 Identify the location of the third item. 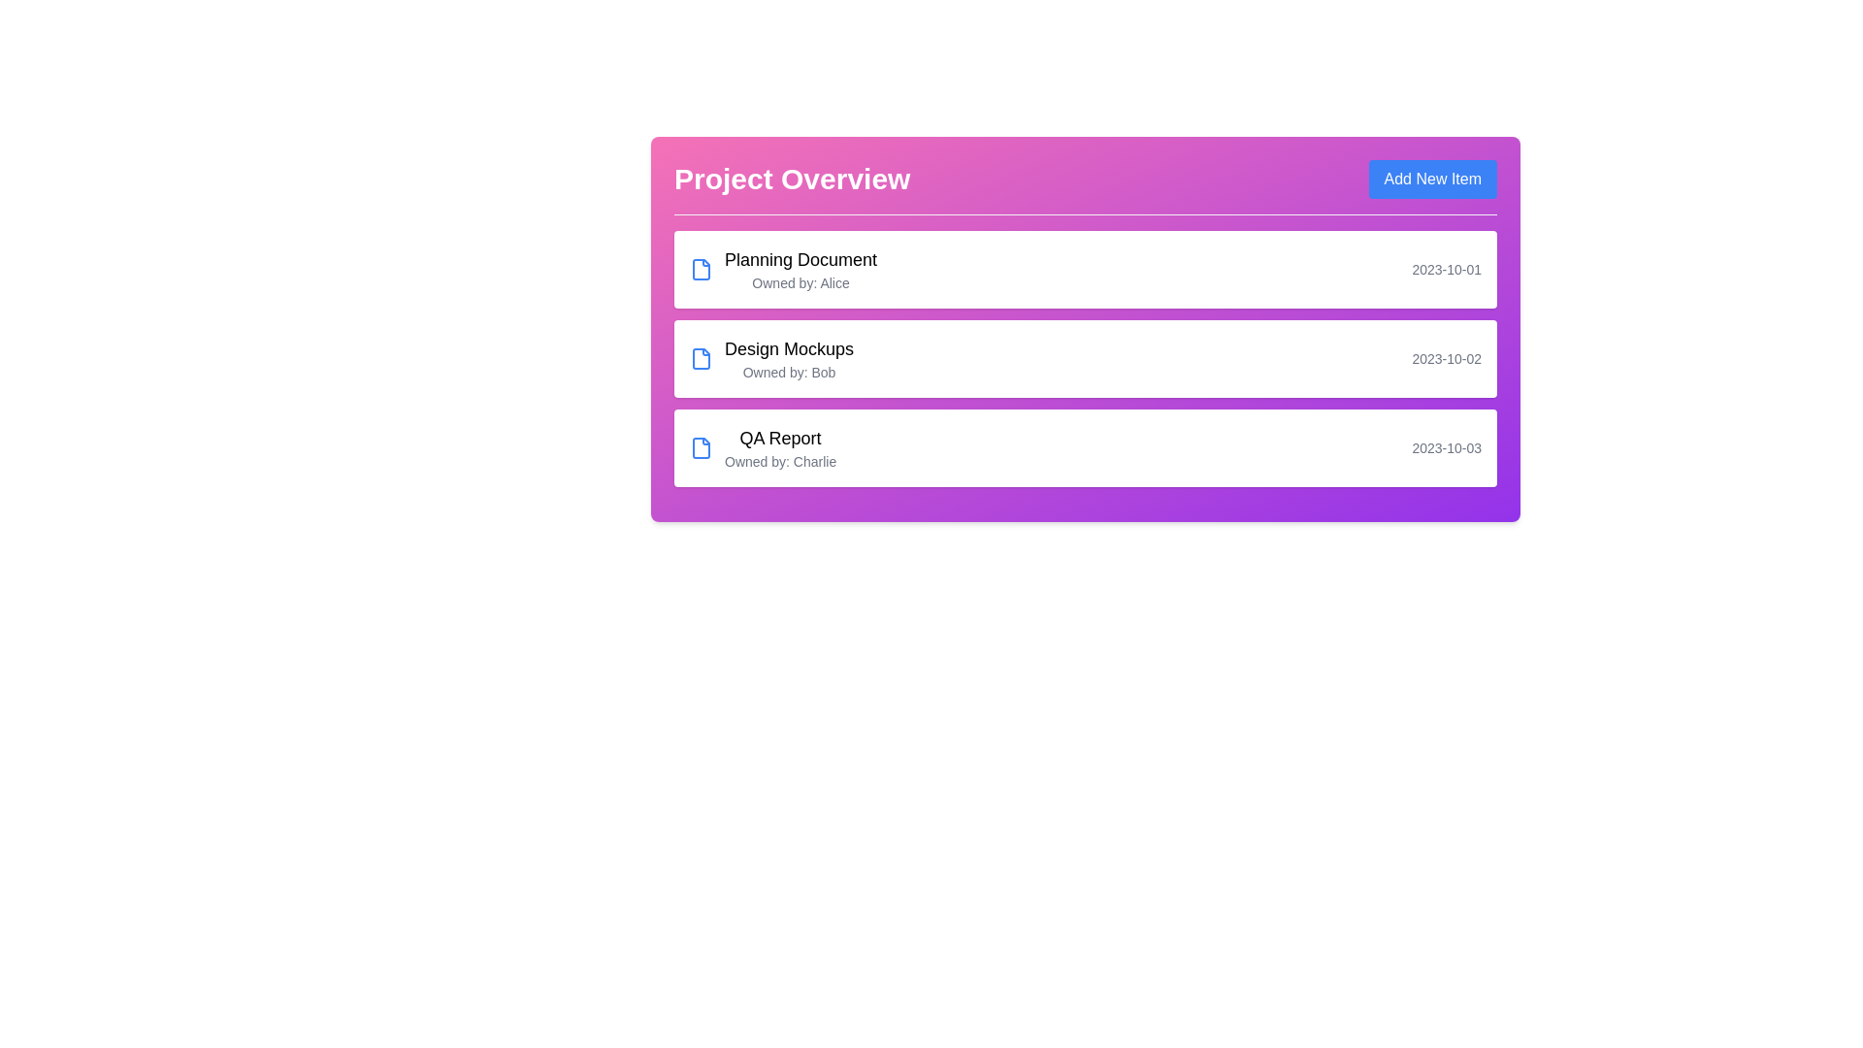
(762, 448).